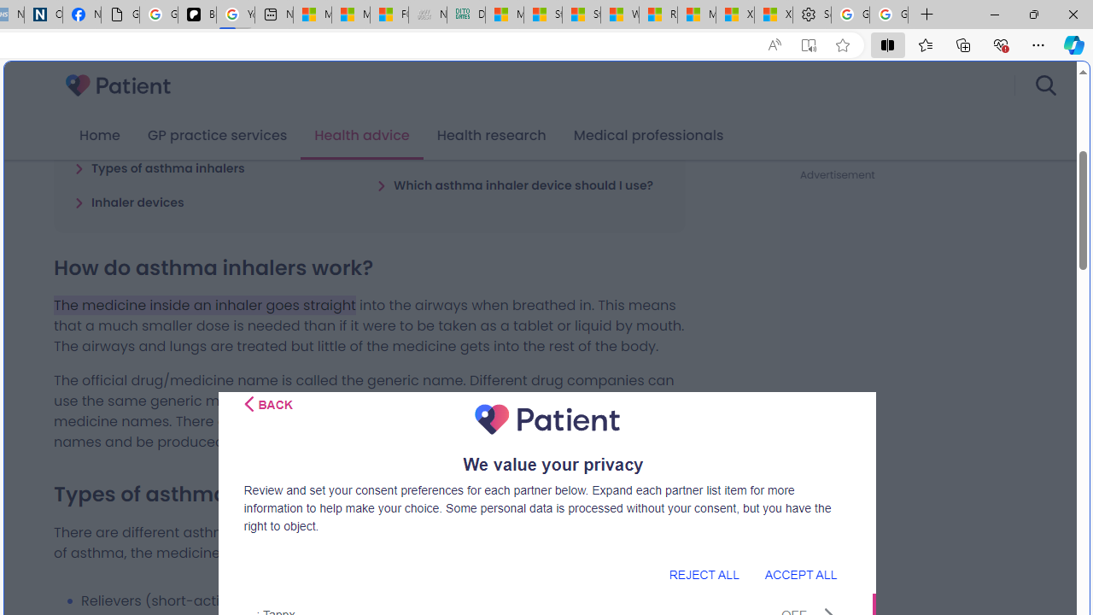 The image size is (1093, 615). I want to click on 'Be Smart | creating Science videos | Patreon', so click(197, 15).